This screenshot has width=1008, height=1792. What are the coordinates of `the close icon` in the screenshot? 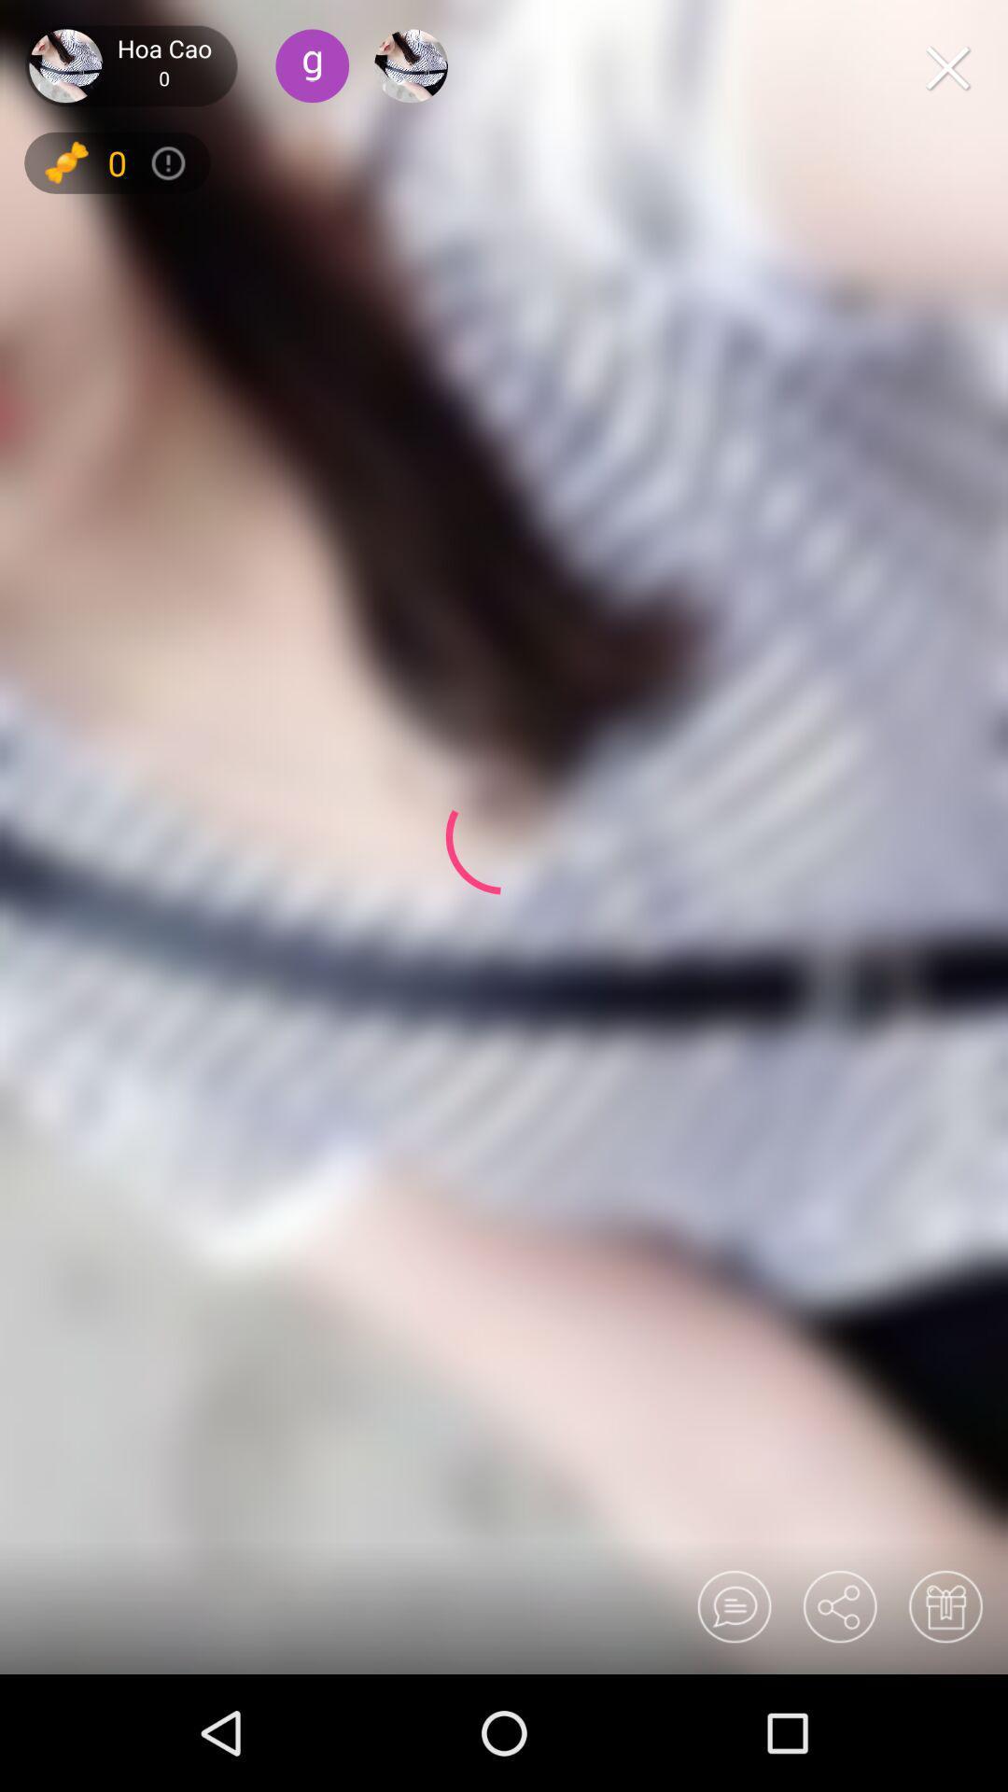 It's located at (947, 67).